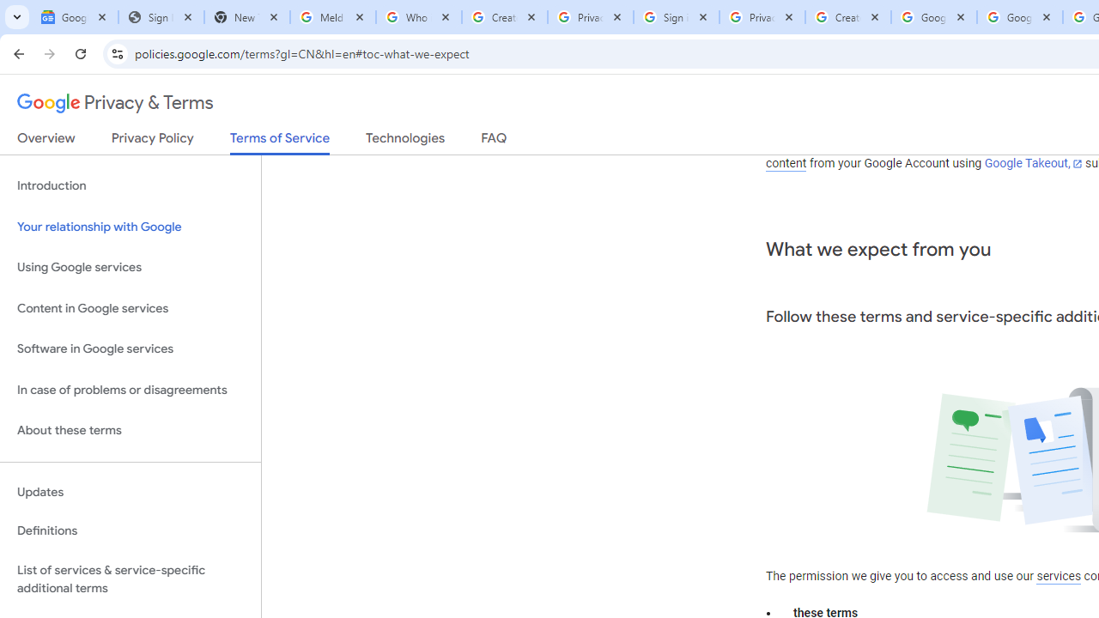 Image resolution: width=1099 pixels, height=618 pixels. Describe the element at coordinates (1058, 576) in the screenshot. I see `'services'` at that location.